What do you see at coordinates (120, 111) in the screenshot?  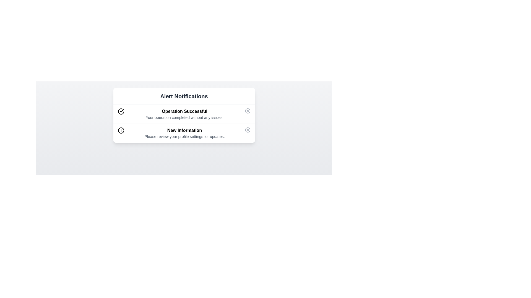 I see `the circular status icon with a checkmark located adjacent to the 'Operation Successful' notification` at bounding box center [120, 111].